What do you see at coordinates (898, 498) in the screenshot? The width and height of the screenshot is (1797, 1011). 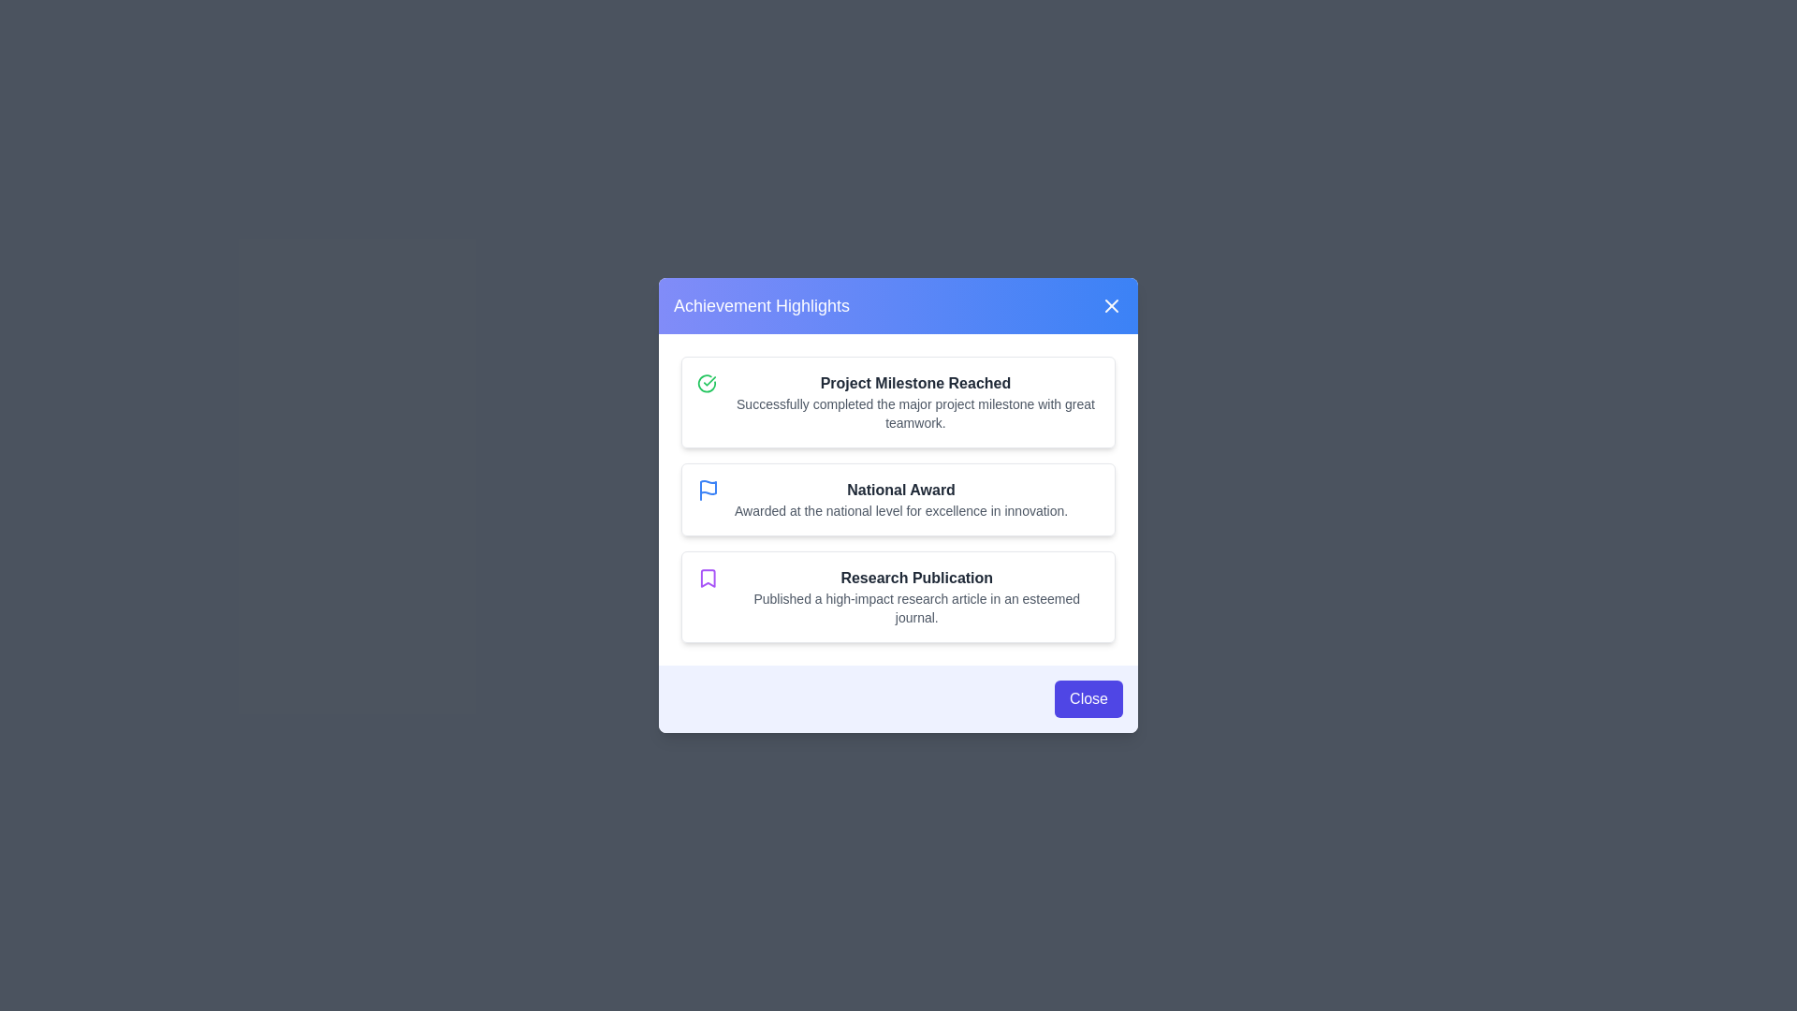 I see `the Informational card titled 'National Award', which features a blue flag icon and contains bold text 'National Award' and a description 'Awarded at the national level for excellence in innovation.'` at bounding box center [898, 498].